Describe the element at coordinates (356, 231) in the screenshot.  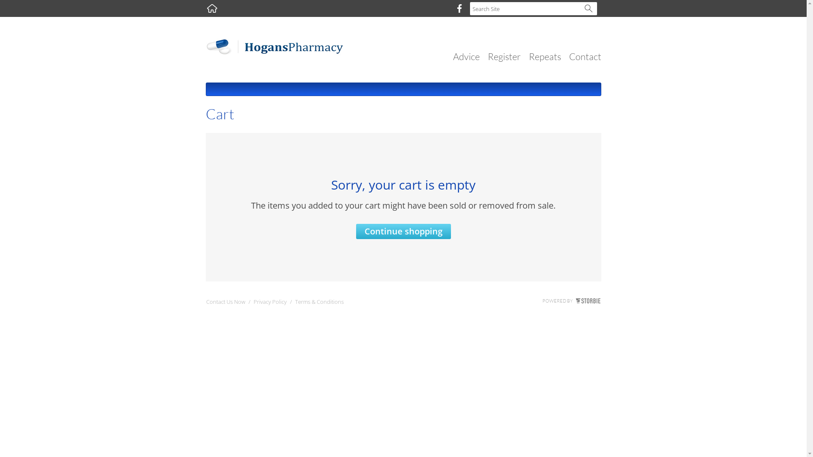
I see `'Continue shopping'` at that location.